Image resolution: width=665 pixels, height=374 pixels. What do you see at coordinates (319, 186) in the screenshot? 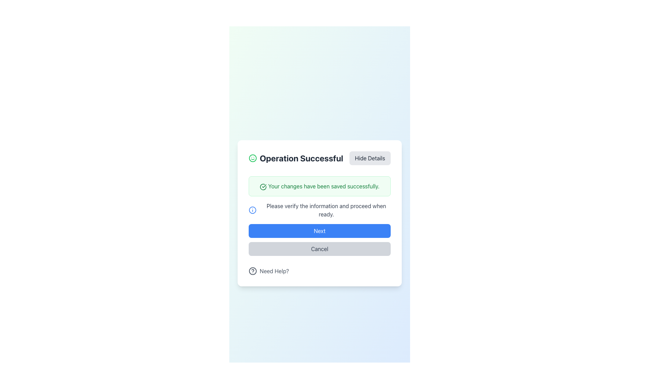
I see `the Notification banner that indicates the user's changes have been saved successfully, located above the text message 'Please verify the information and proceed when ready.'` at bounding box center [319, 186].